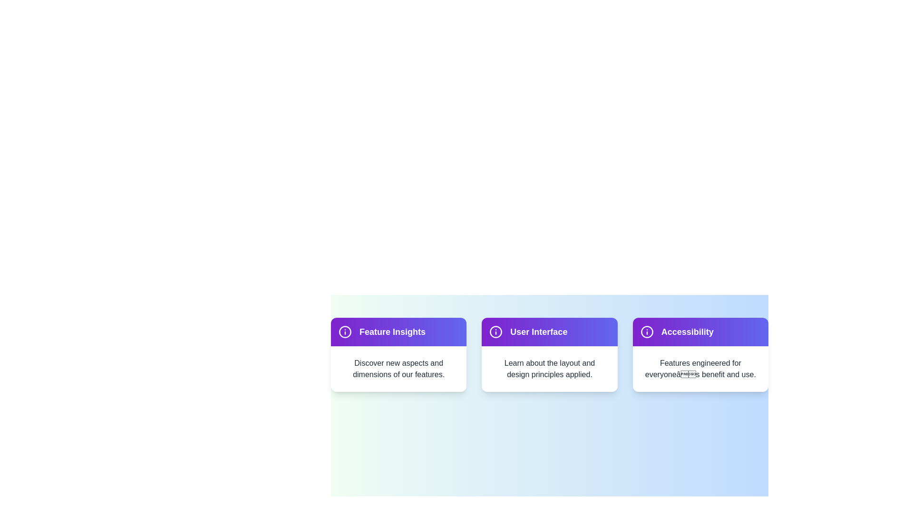 Image resolution: width=913 pixels, height=513 pixels. Describe the element at coordinates (700, 331) in the screenshot. I see `the vibrant Accessibility button with a gradient background and white text` at that location.